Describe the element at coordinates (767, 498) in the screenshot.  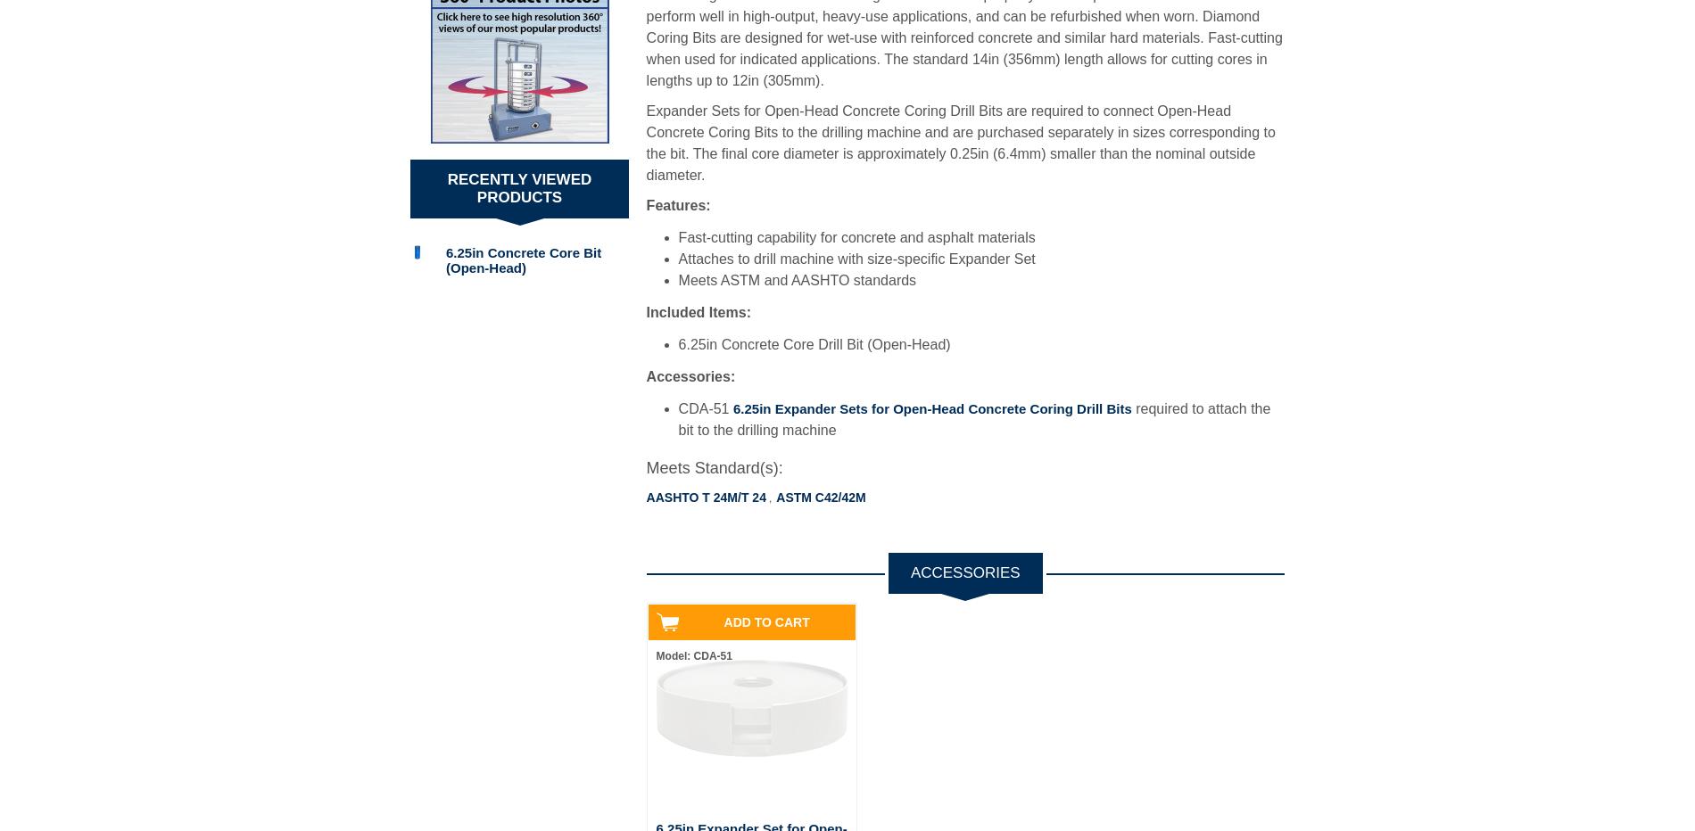
I see `','` at that location.